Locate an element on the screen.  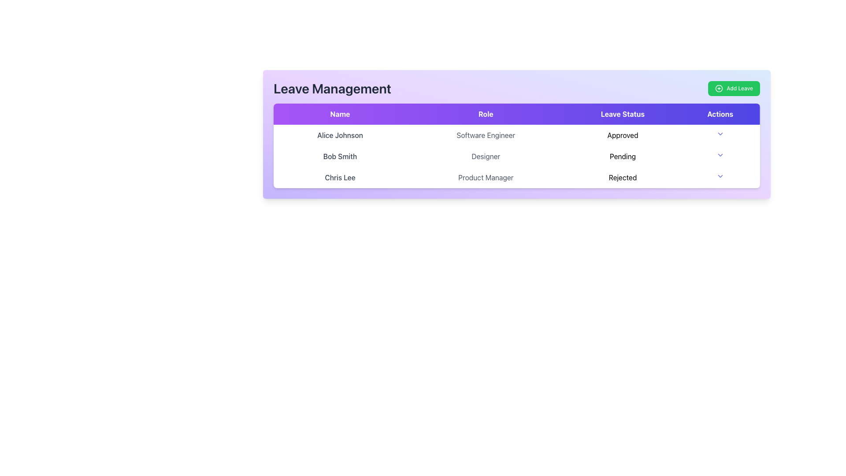
the dropdown toggle button located at the far-right side of the row for 'Chris Lee', 'Product Manager', and 'Rejected' under the 'Actions' column is located at coordinates (720, 177).